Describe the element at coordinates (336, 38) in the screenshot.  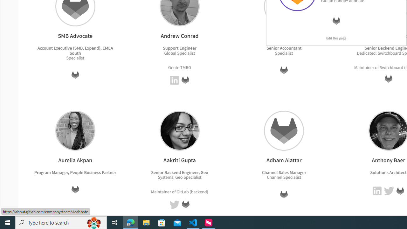
I see `'Edit this page'` at that location.